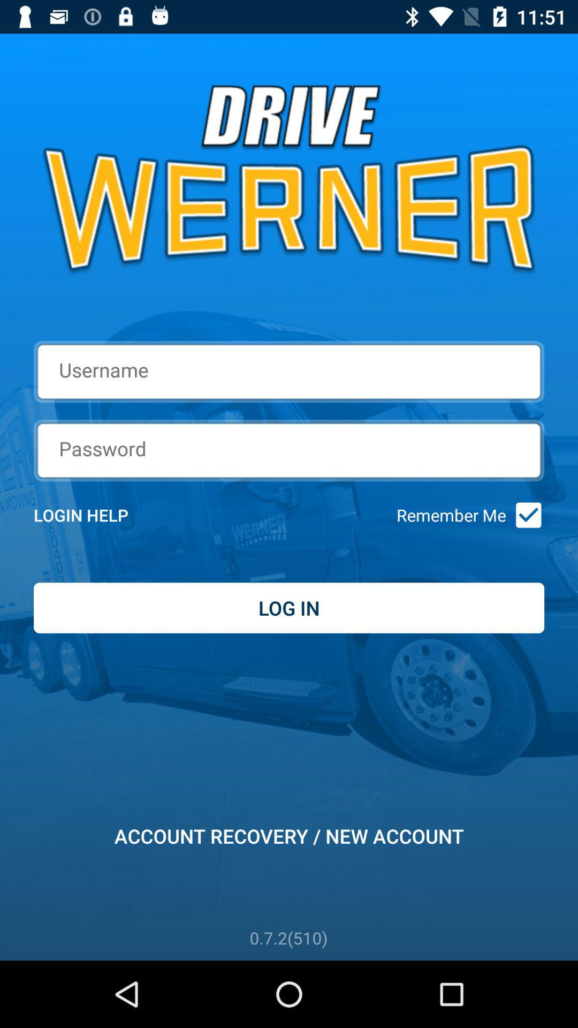 This screenshot has height=1028, width=578. Describe the element at coordinates (95, 515) in the screenshot. I see `item on the left` at that location.